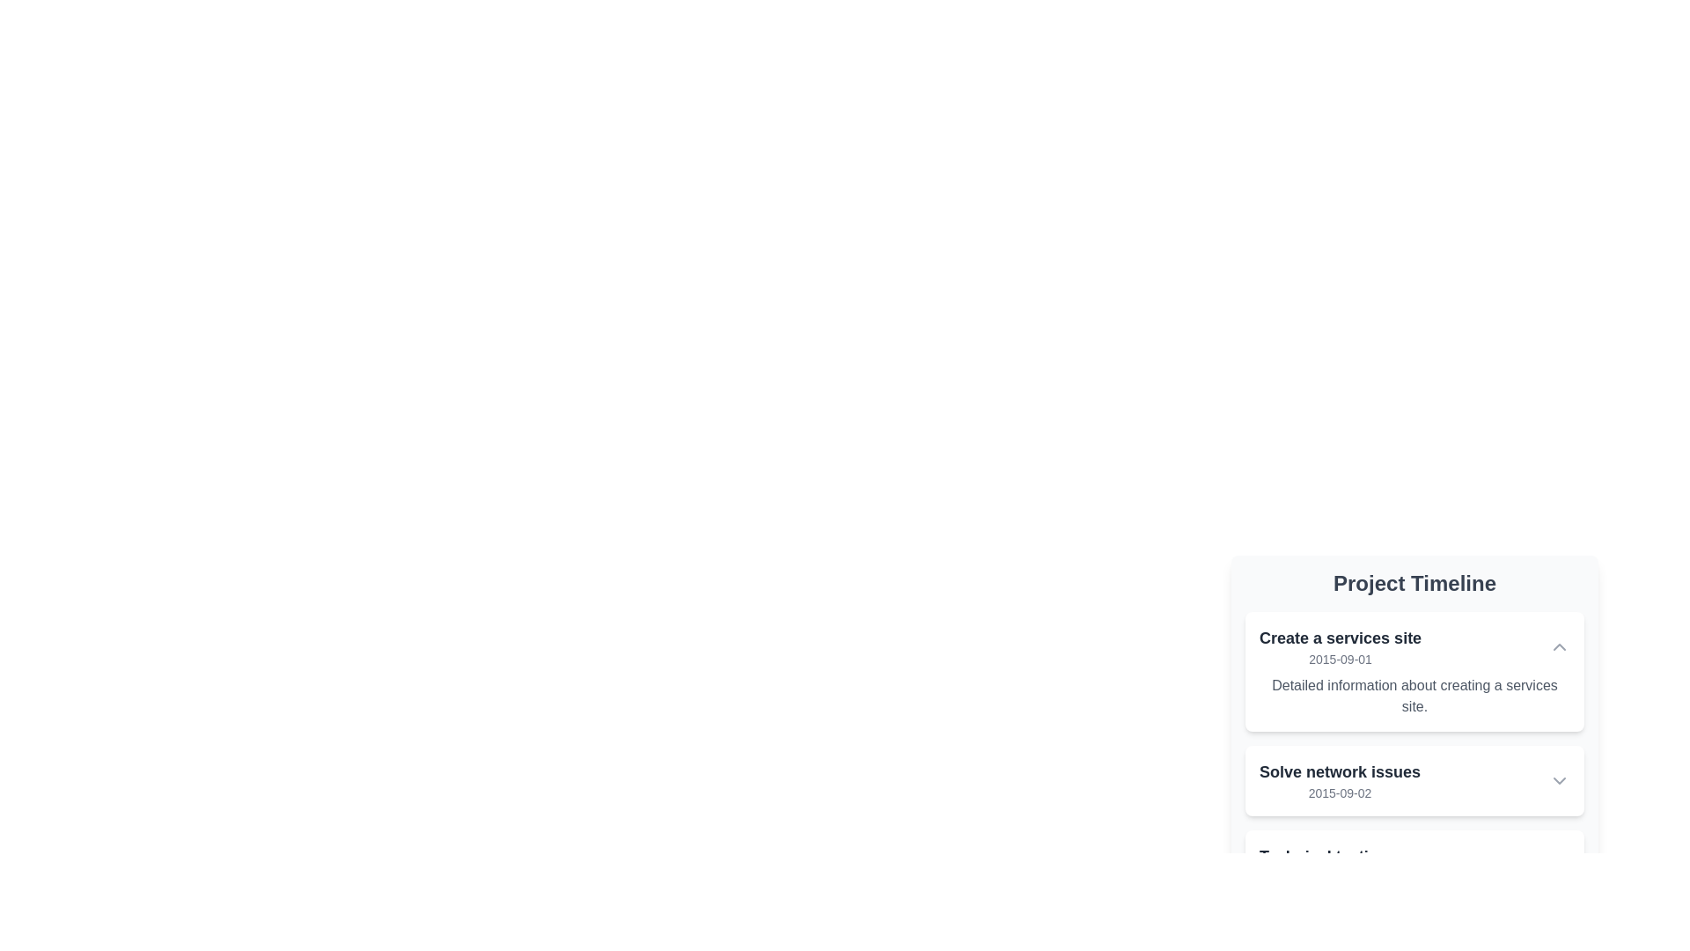  What do you see at coordinates (1414, 647) in the screenshot?
I see `the title 'Create a services site' in the collapsible list header` at bounding box center [1414, 647].